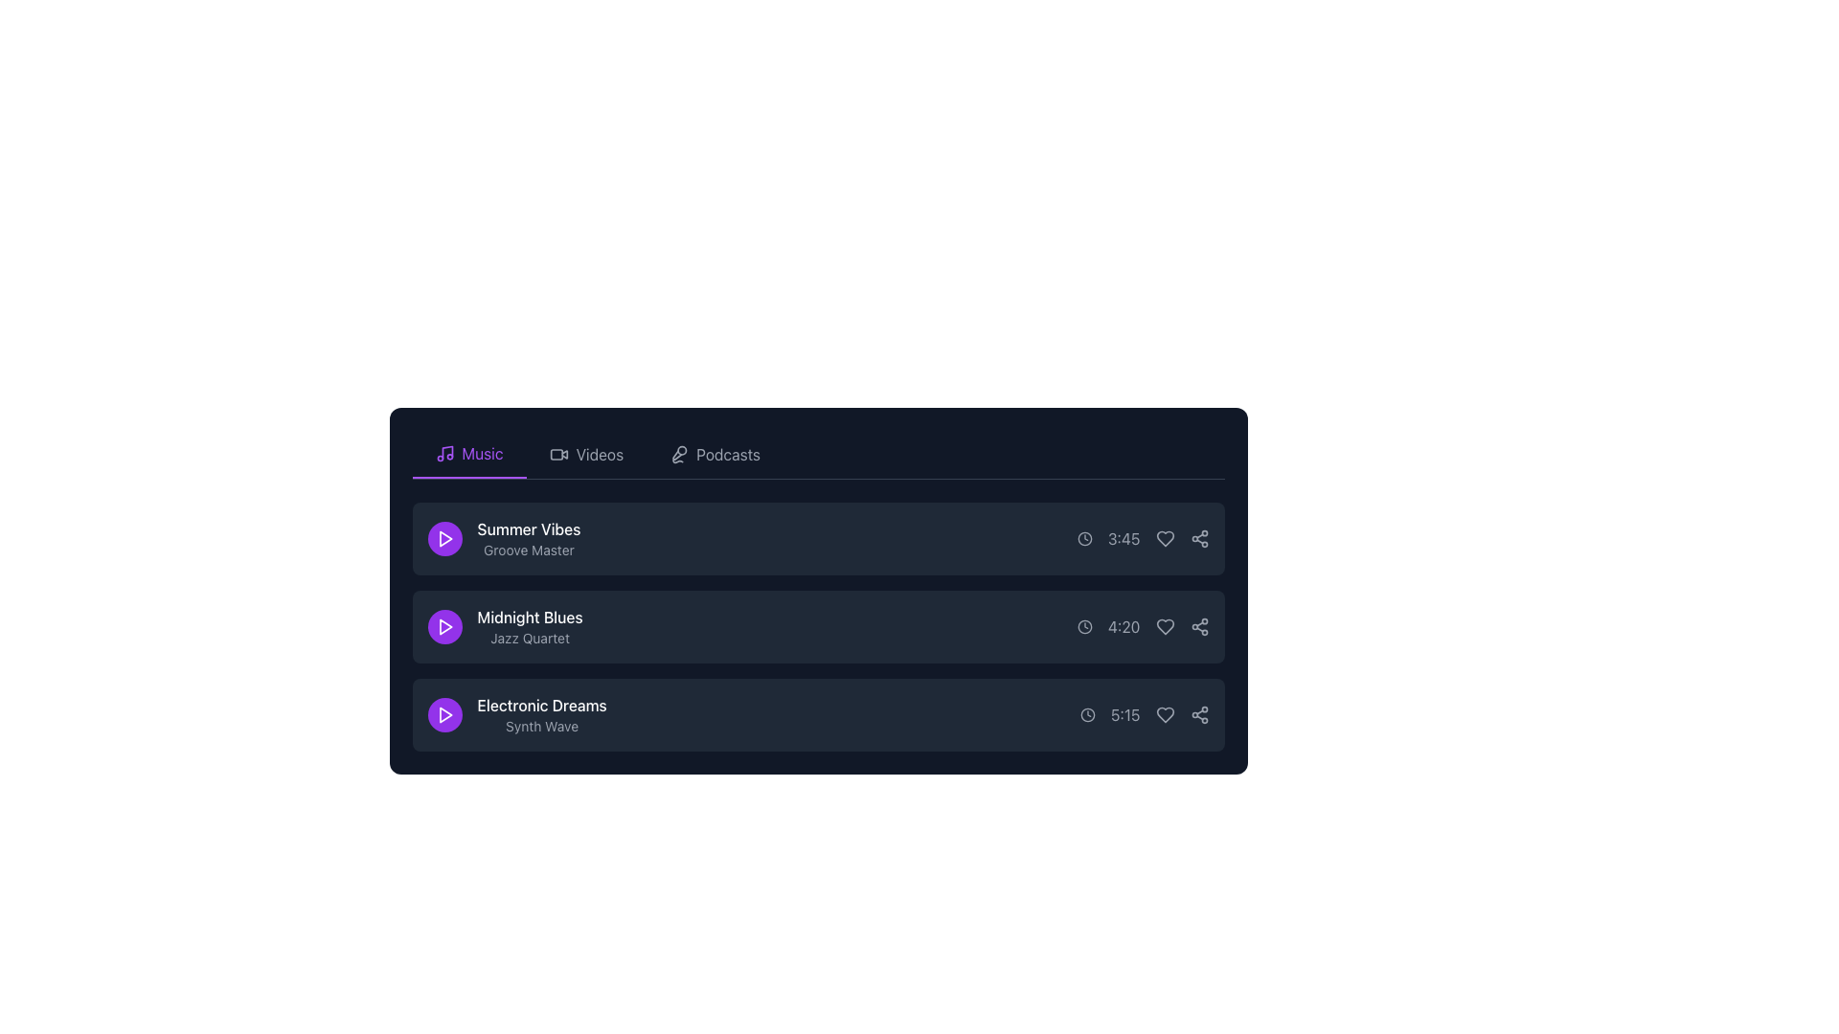  What do you see at coordinates (1084, 627) in the screenshot?
I see `the circular outline within the clock icon that represents the time information for the 'Midnight Blues' track, located in the third column of the second row's controls` at bounding box center [1084, 627].